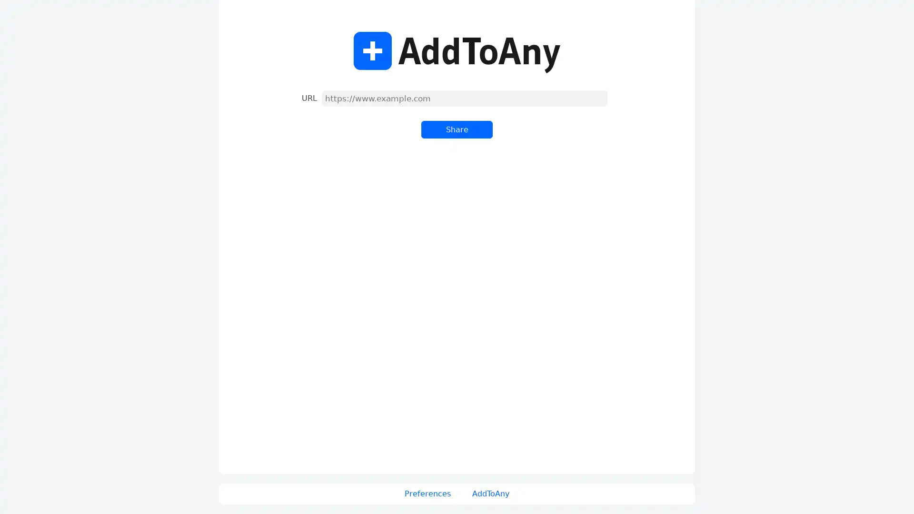 The image size is (914, 514). I want to click on Share, so click(457, 129).